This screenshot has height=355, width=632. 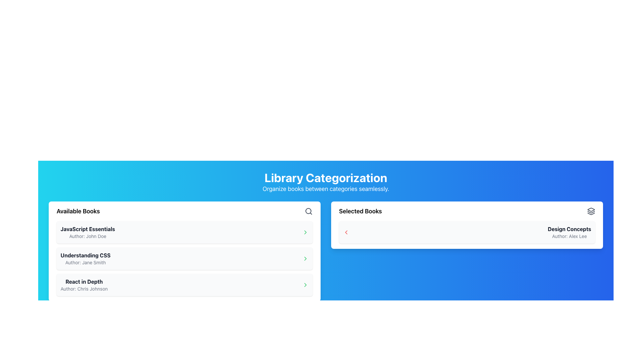 What do you see at coordinates (84, 285) in the screenshot?
I see `the text block UI component displaying 'React in Depth' and 'Author: Chris Johnson', the third item in the list of books in the 'Available Books' section` at bounding box center [84, 285].